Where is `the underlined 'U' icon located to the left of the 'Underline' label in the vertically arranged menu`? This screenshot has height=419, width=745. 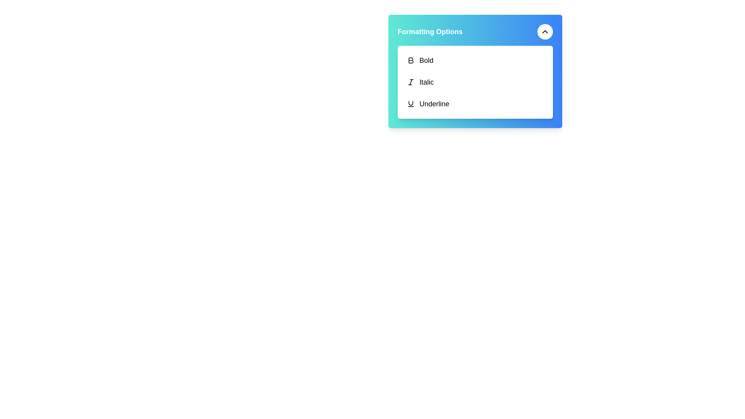 the underlined 'U' icon located to the left of the 'Underline' label in the vertically arranged menu is located at coordinates (411, 103).